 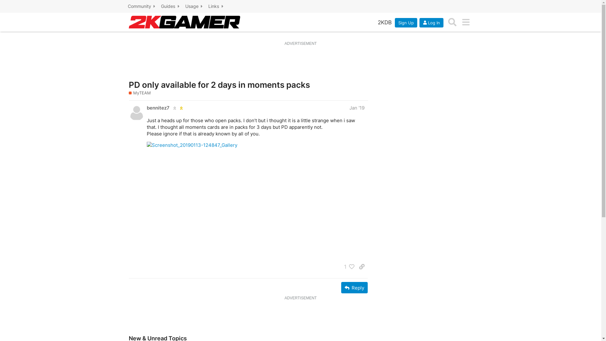 I want to click on 'Guides', so click(x=171, y=6).